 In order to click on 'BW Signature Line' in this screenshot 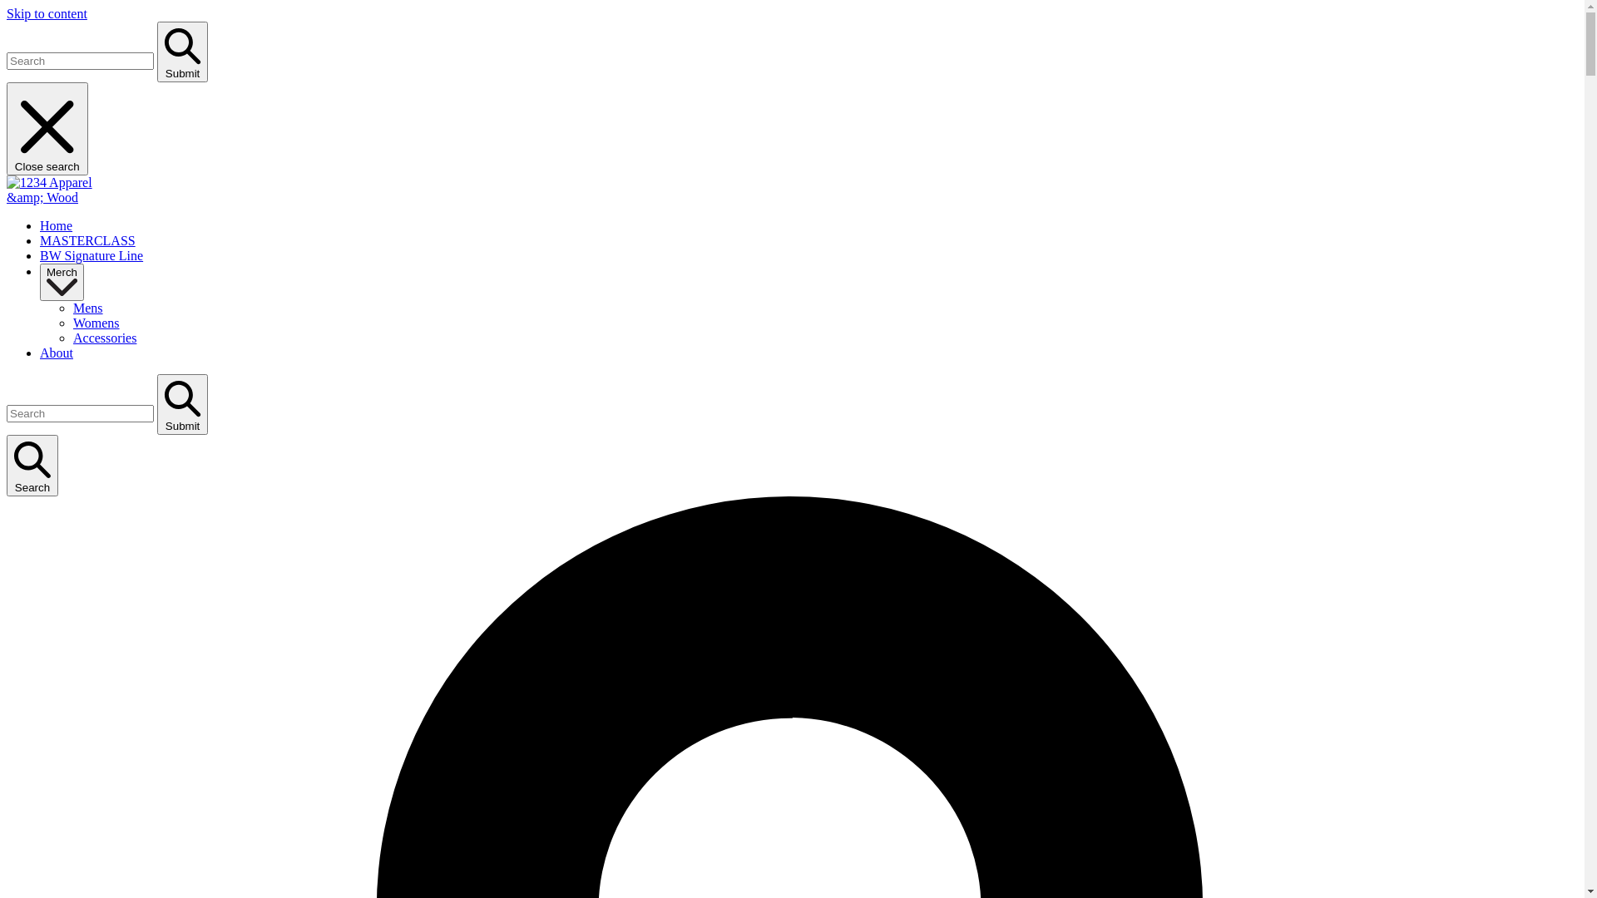, I will do `click(91, 255)`.